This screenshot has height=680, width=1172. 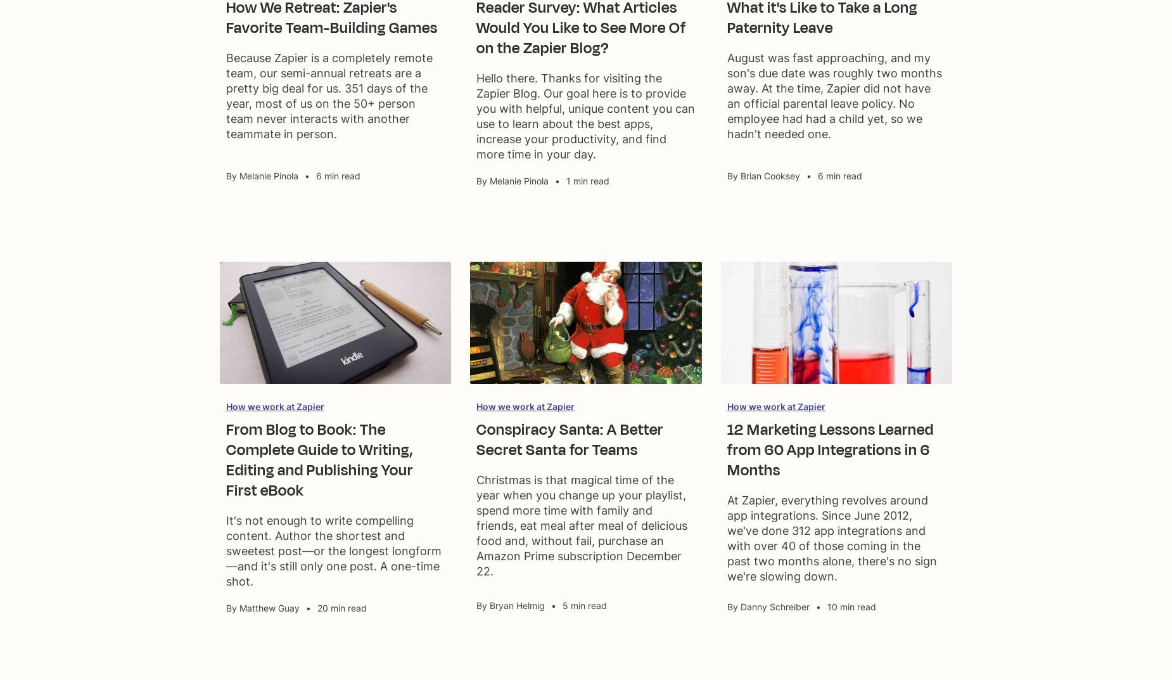 I want to click on 'Danny Schreiber', so click(x=774, y=606).